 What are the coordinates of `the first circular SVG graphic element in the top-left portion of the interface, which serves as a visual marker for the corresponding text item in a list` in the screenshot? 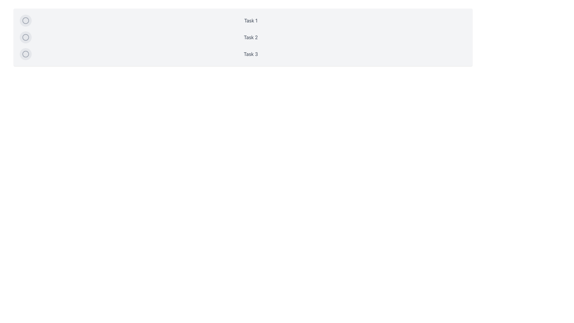 It's located at (25, 20).